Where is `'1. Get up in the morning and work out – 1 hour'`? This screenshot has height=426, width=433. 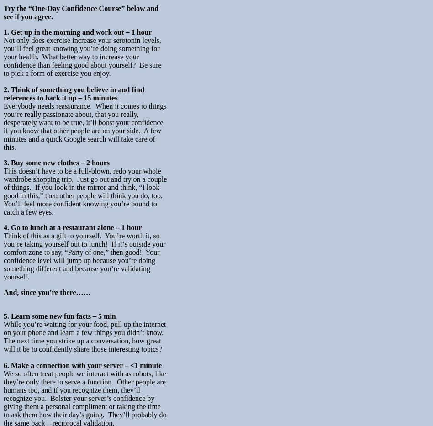
'1. Get up in the morning and work out – 1 hour' is located at coordinates (77, 32).